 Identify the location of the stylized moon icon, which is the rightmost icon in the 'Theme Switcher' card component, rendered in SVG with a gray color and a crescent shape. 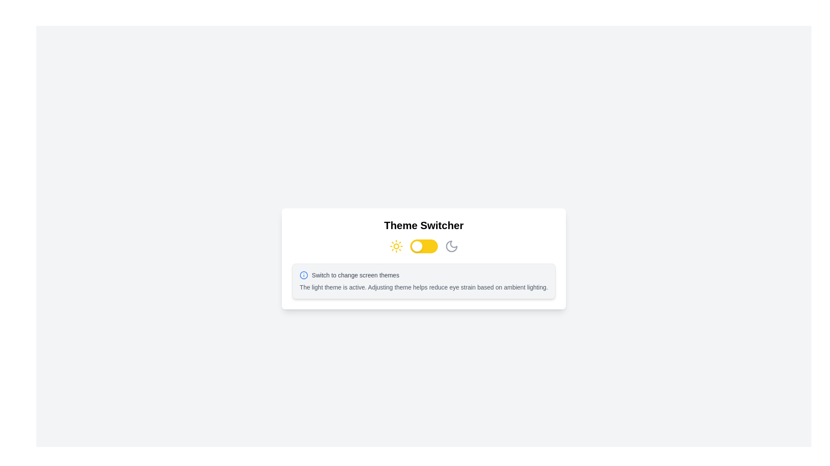
(451, 246).